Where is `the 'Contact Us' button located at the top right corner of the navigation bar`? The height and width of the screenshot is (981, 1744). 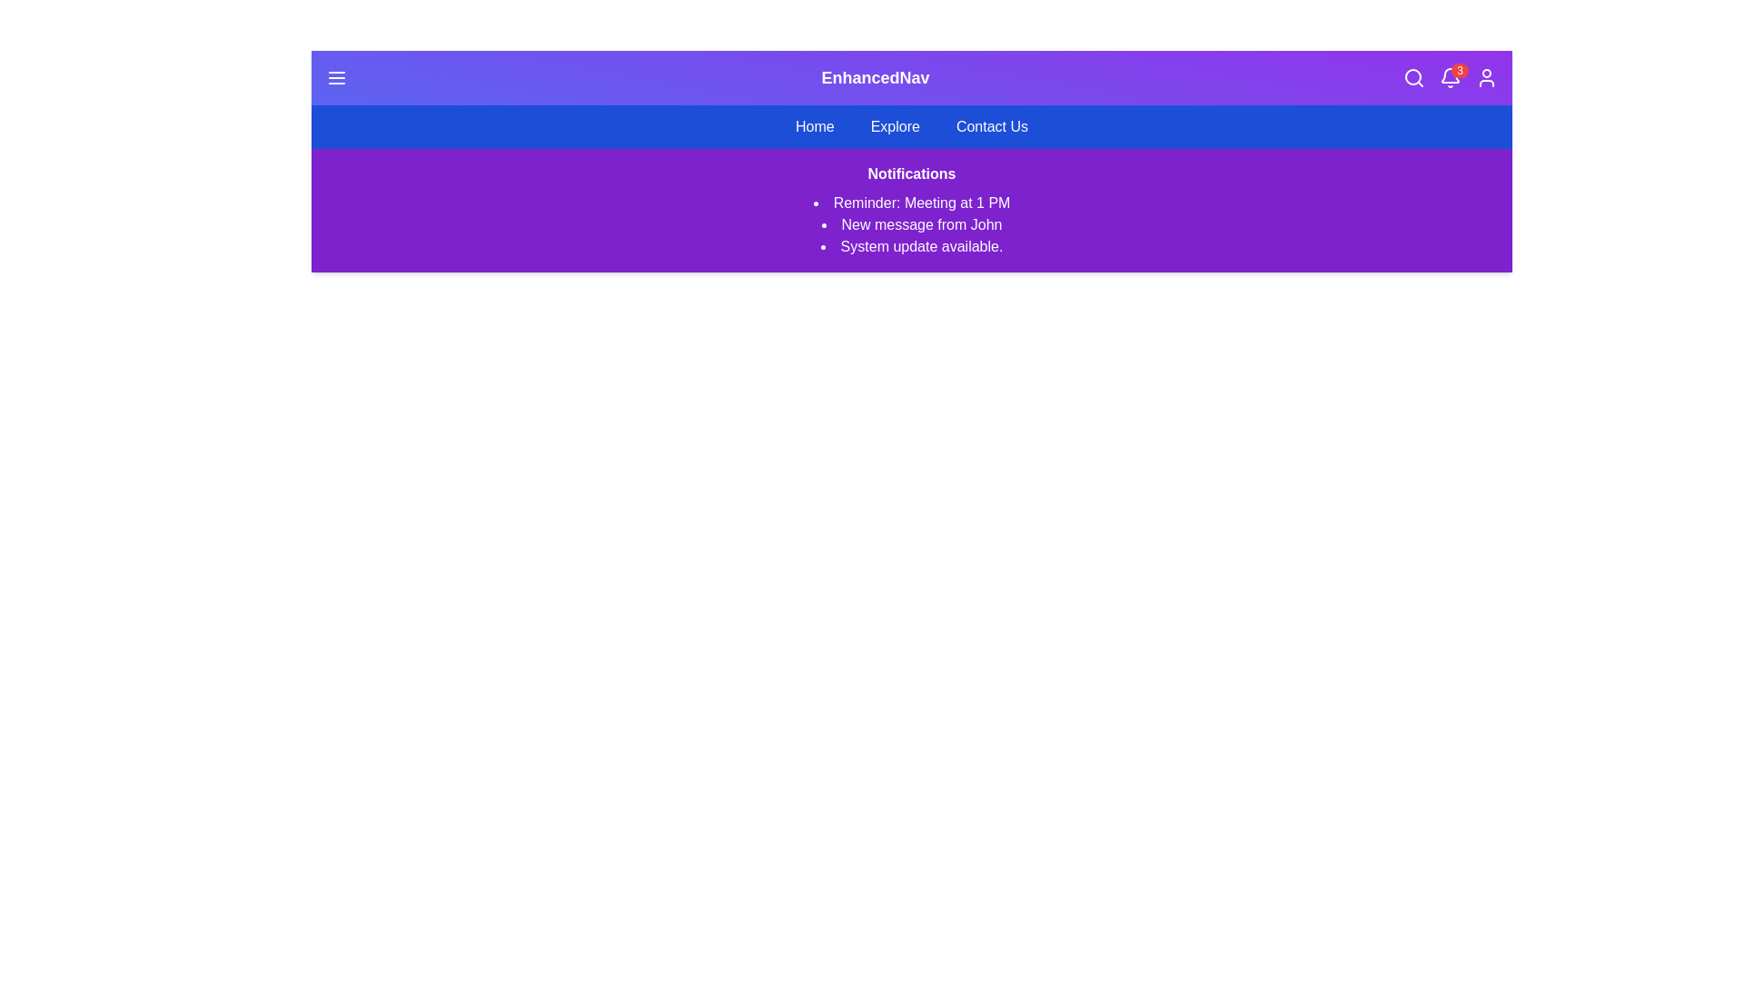
the 'Contact Us' button located at the top right corner of the navigation bar is located at coordinates (991, 125).